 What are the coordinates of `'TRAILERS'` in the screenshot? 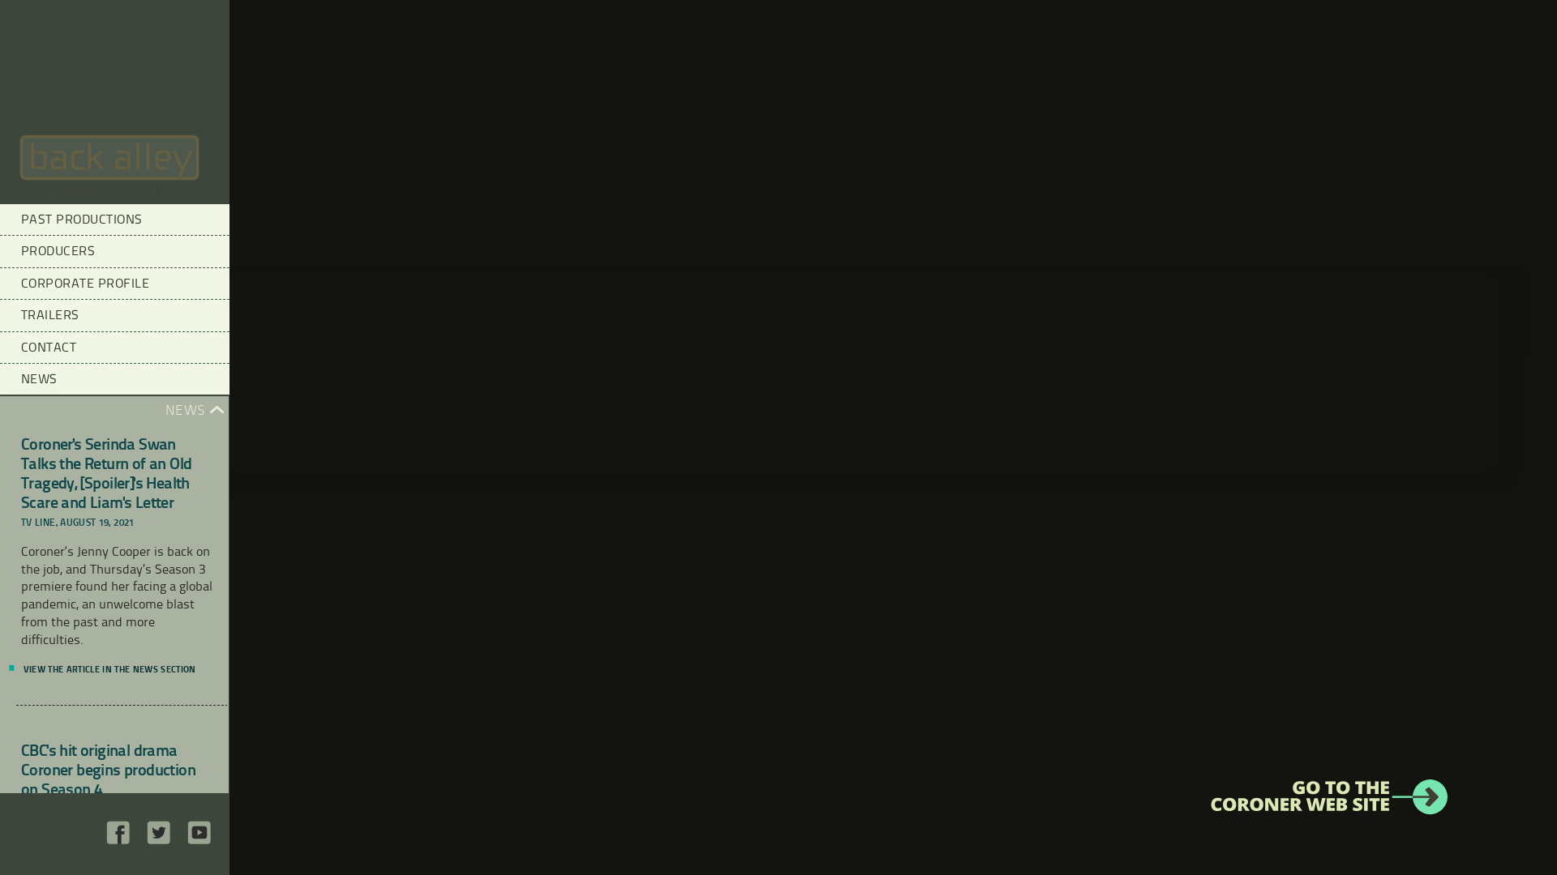 It's located at (114, 314).